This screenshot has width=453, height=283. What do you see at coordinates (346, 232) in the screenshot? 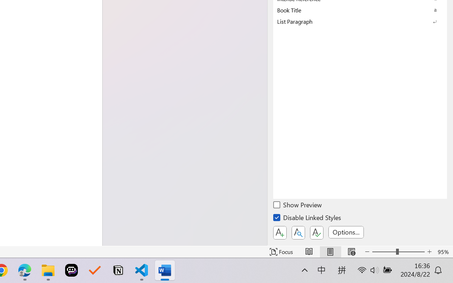
I see `'Options...'` at bounding box center [346, 232].